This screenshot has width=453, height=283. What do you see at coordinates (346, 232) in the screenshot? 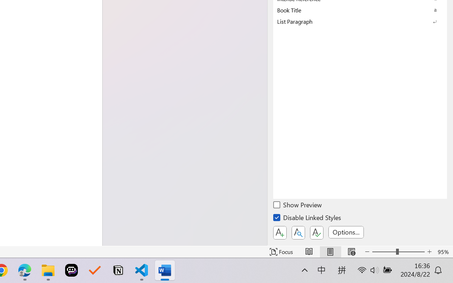
I see `'Options...'` at bounding box center [346, 232].